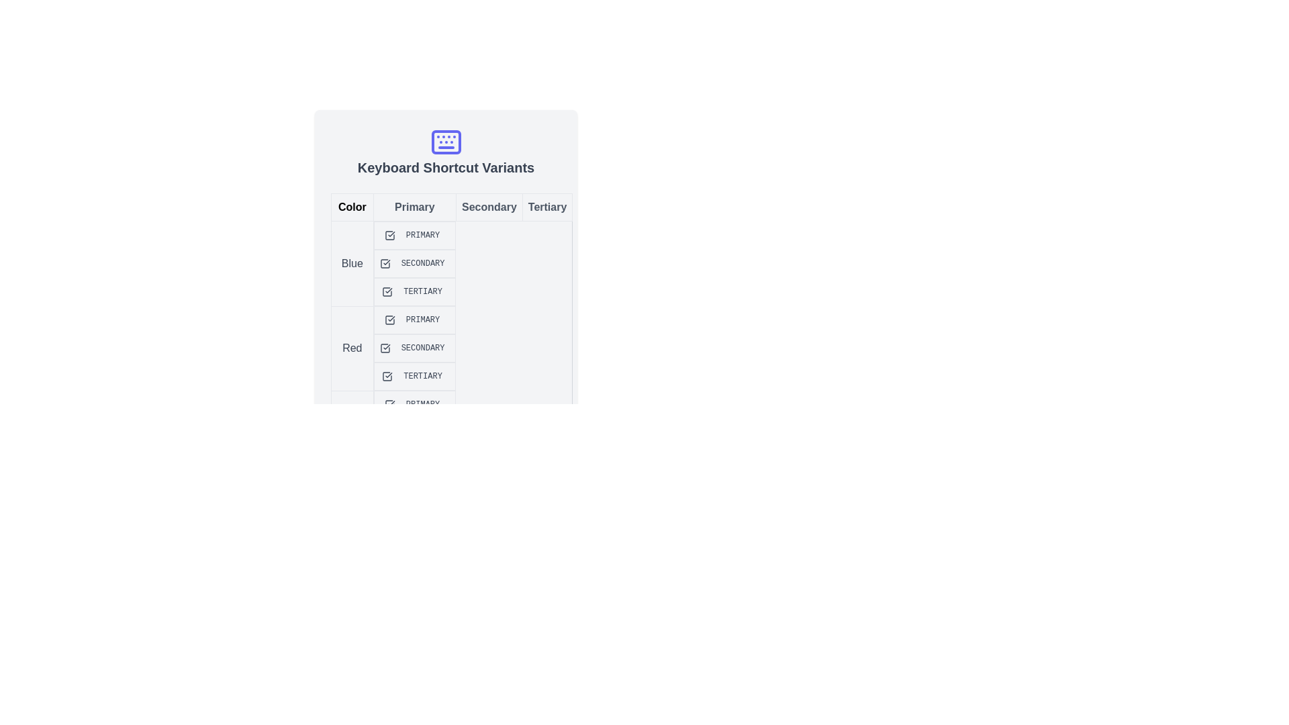  What do you see at coordinates (414, 291) in the screenshot?
I see `the 'Tertiary' checkbox and label in the 'Blue' column for additional information` at bounding box center [414, 291].